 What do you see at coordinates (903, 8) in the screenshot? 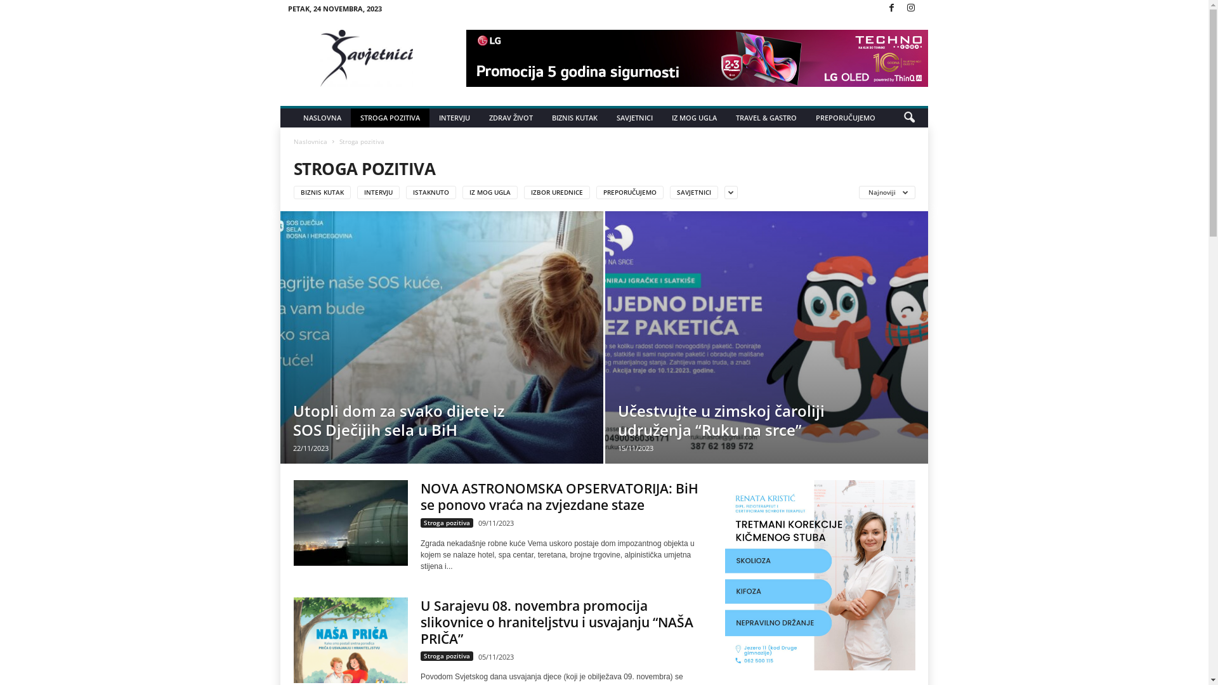
I see `'Instagram'` at bounding box center [903, 8].